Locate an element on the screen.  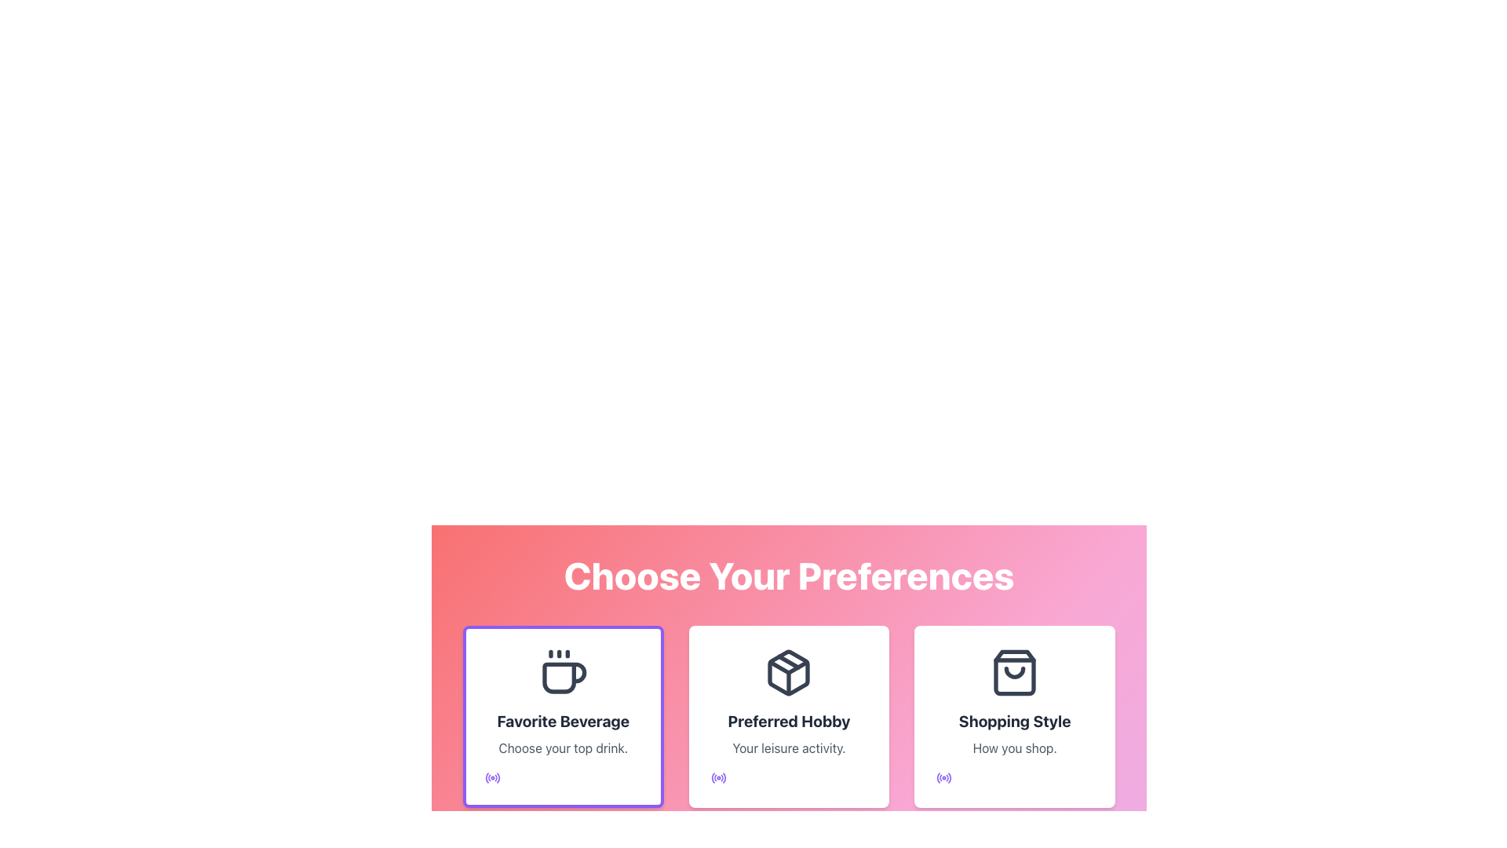
text element that says 'Your leisure activity.' located below the 'Preferred Hobby.' text within the card layout is located at coordinates (789, 747).